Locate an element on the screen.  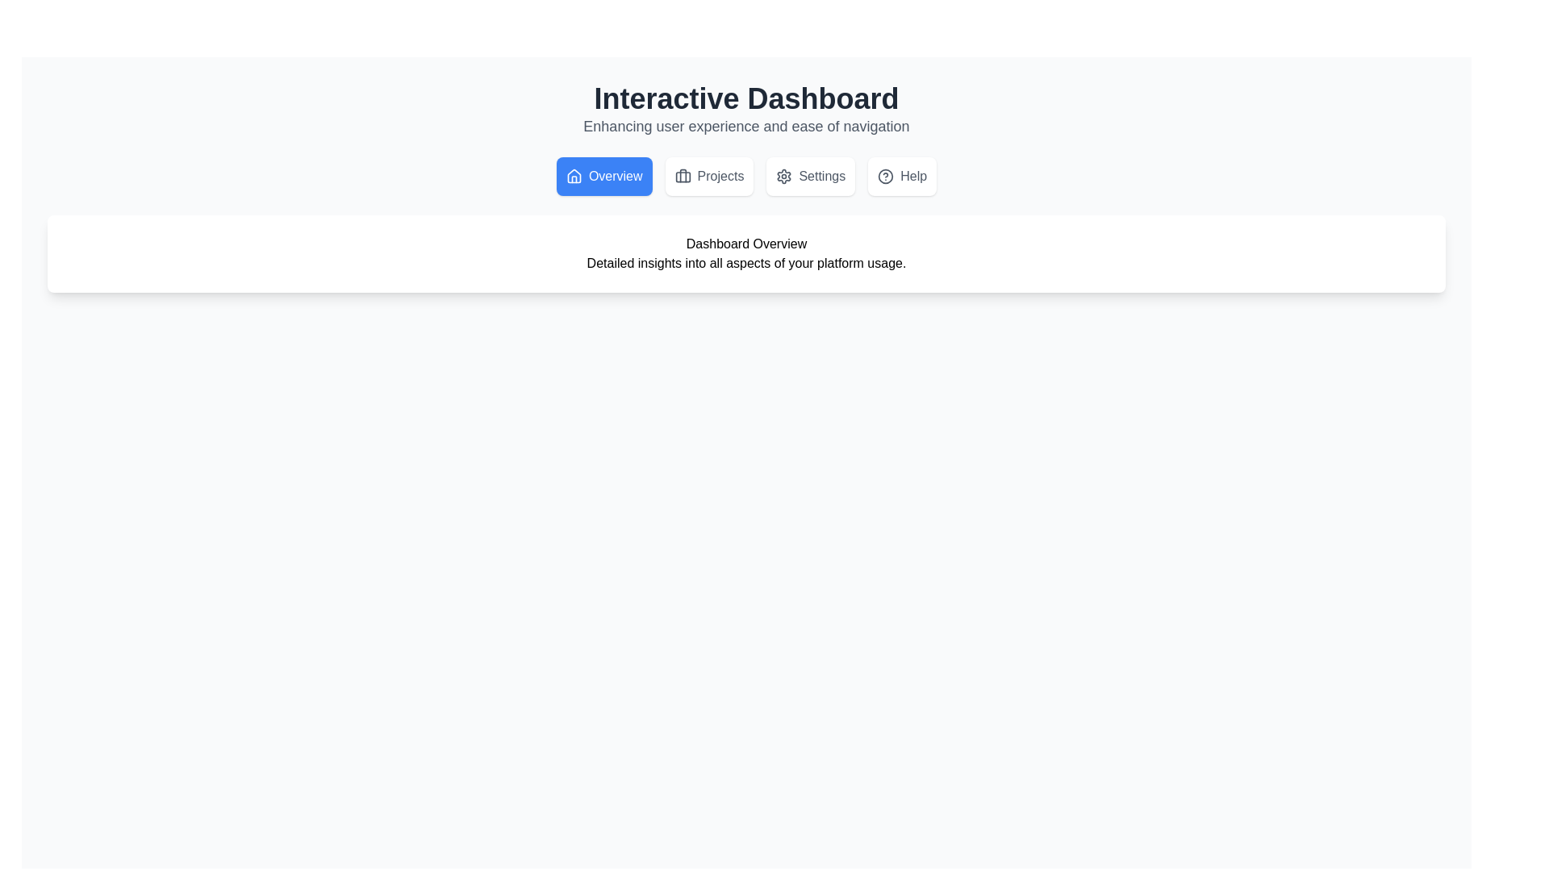
the 'home' icon located within the blue rectangular button labeled 'Overview' is located at coordinates (574, 176).